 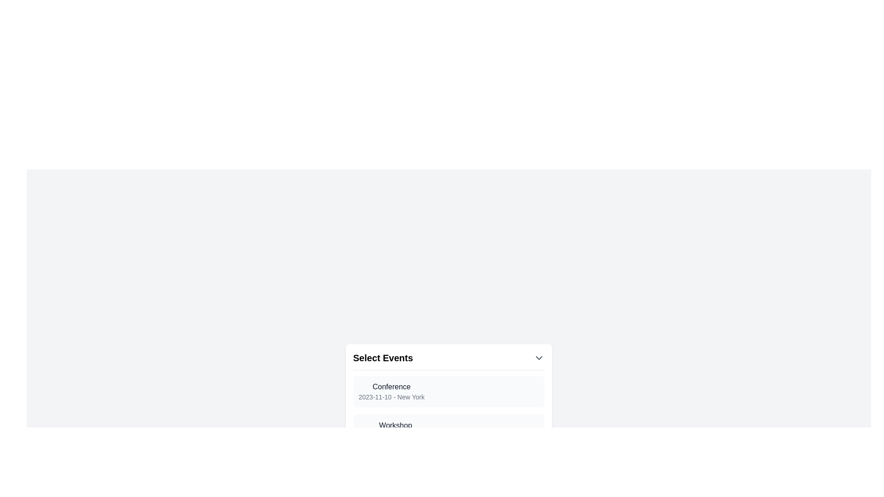 I want to click on the downward-pointing chevron SVG icon, so click(x=539, y=357).